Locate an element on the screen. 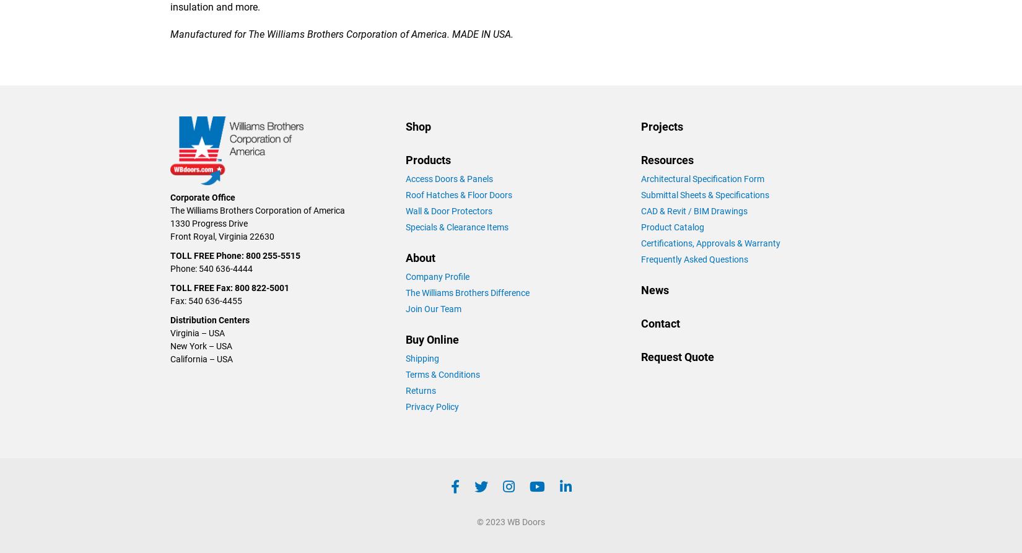 This screenshot has width=1022, height=553. 'Manufactured for The Williams Brothers Corporation of America. MADE IN USA.' is located at coordinates (341, 33).